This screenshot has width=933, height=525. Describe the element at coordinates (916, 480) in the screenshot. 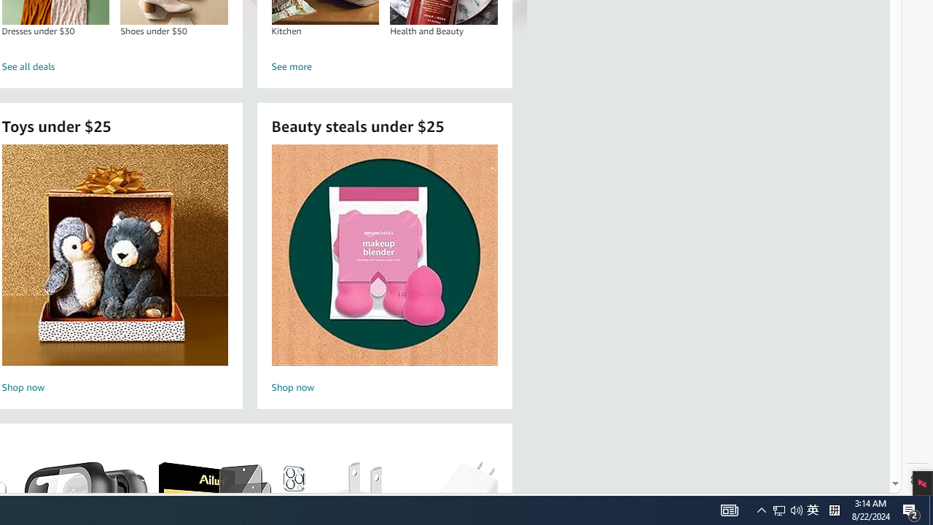

I see `'Settings'` at that location.